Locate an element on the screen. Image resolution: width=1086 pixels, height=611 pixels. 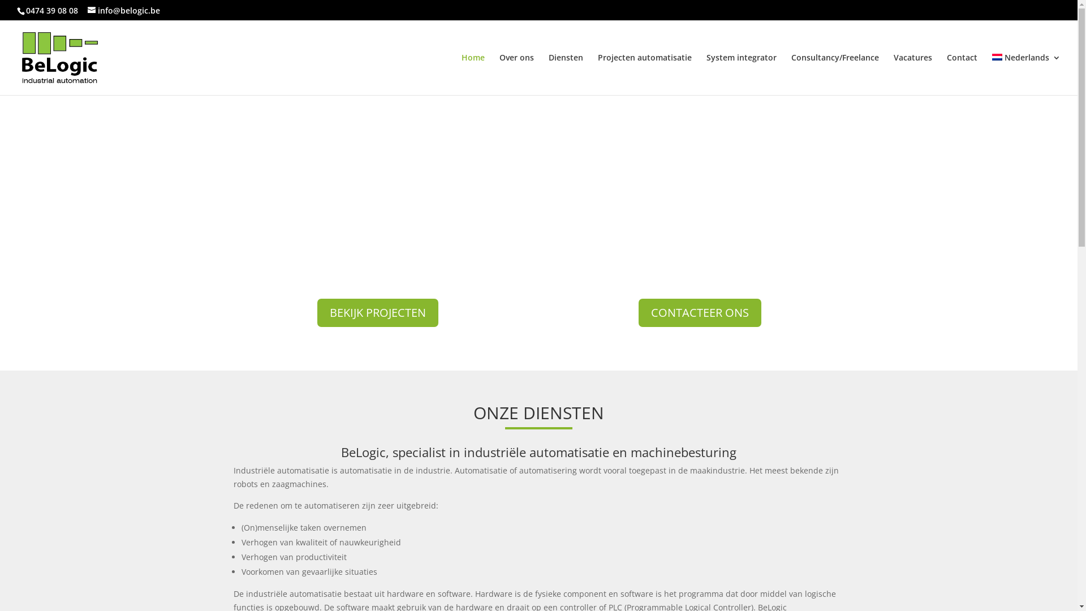
'System integrator' is located at coordinates (741, 74).